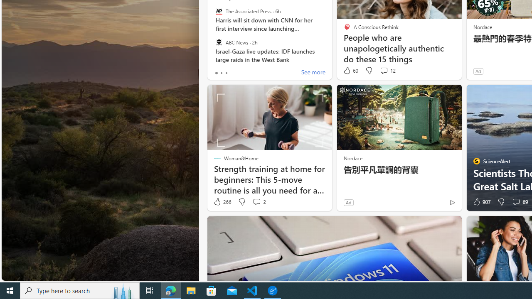 The height and width of the screenshot is (299, 532). Describe the element at coordinates (383, 70) in the screenshot. I see `'View comments 12 Comment'` at that location.